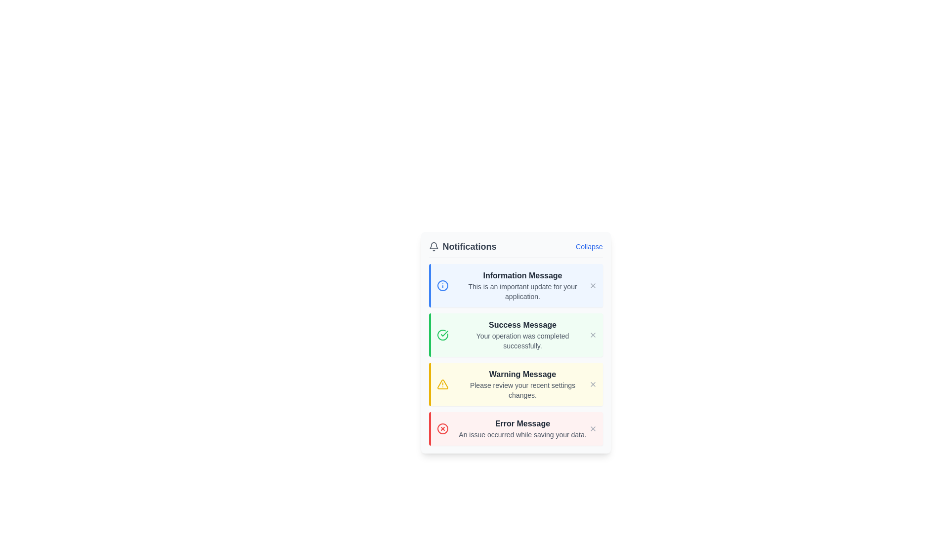 The width and height of the screenshot is (949, 533). Describe the element at coordinates (469, 246) in the screenshot. I see `the text label that serves as a header for the notifications section, located in the top-left corner of the card-like section, to the immediate right of the bell icon` at that location.